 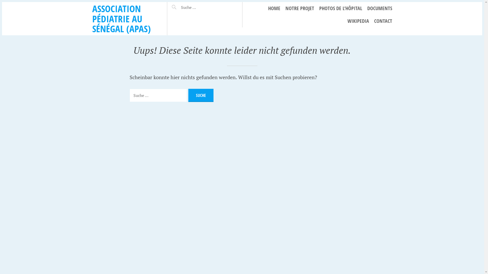 I want to click on 'WIKIPEDIA', so click(x=358, y=21).